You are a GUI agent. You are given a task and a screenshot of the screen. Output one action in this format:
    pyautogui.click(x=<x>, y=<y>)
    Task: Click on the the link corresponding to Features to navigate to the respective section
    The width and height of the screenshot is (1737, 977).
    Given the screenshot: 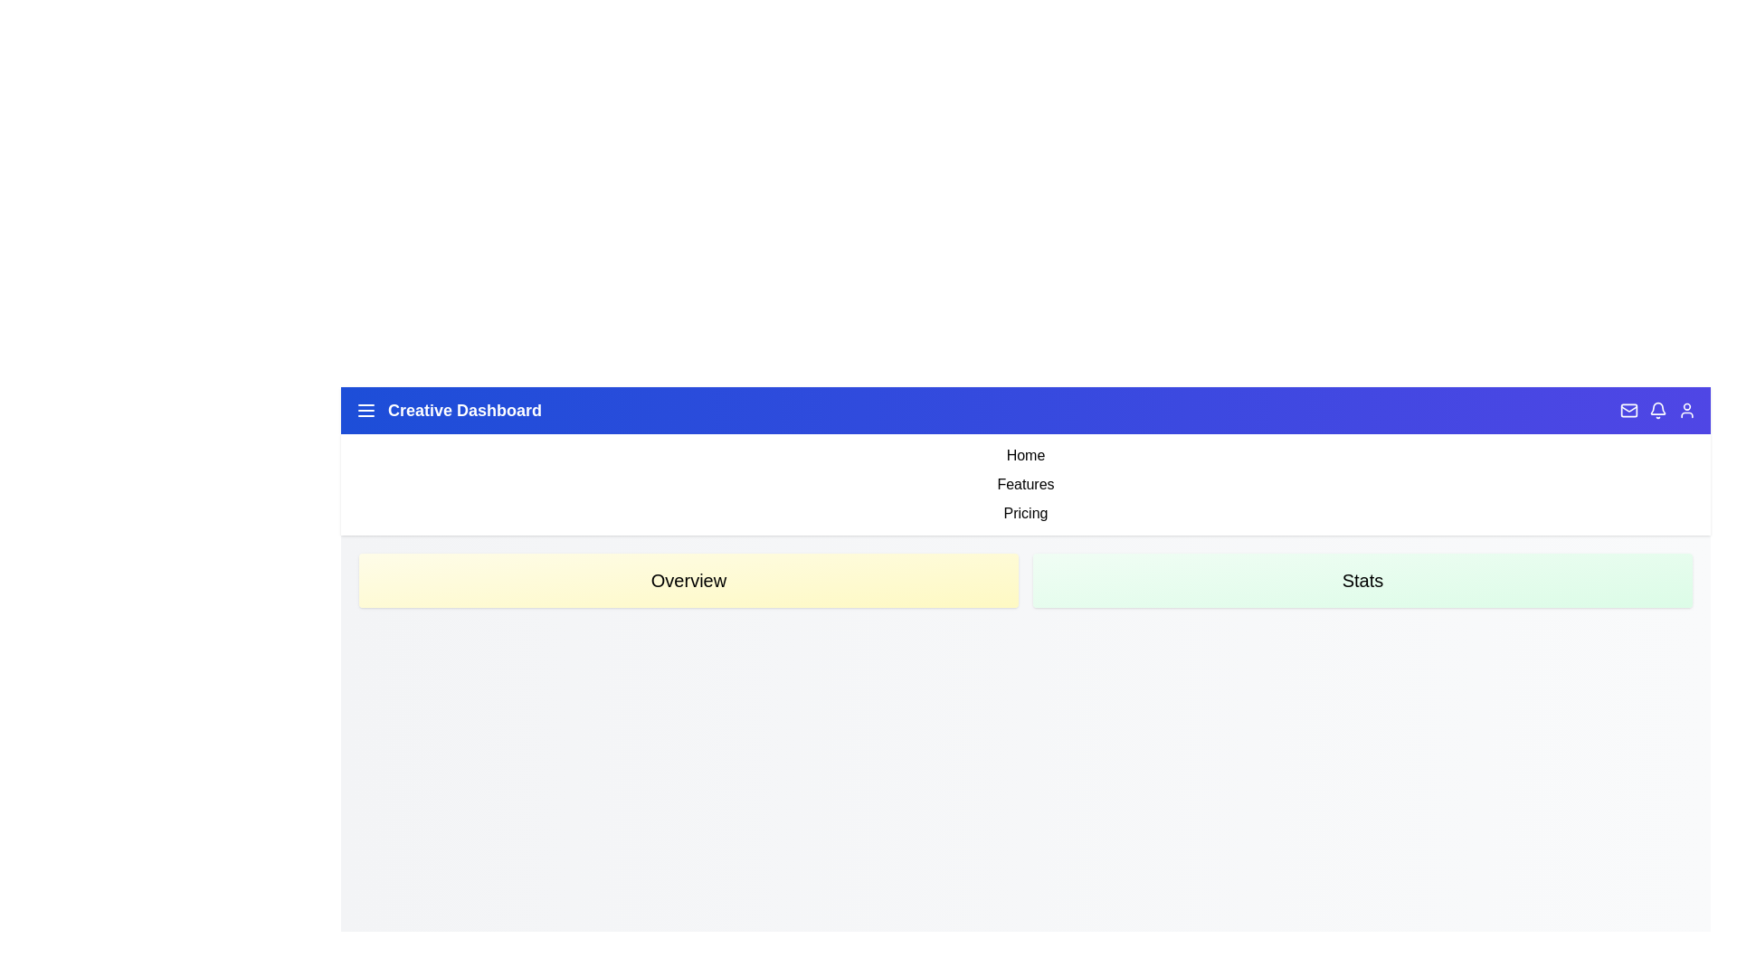 What is the action you would take?
    pyautogui.click(x=1025, y=484)
    